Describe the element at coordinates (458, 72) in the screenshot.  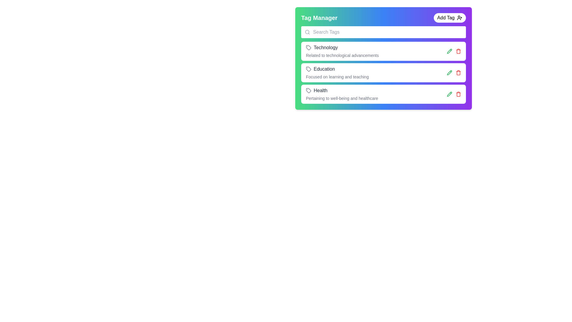
I see `the red trash bin icon delete button at the right end of the item bar to trigger the hover effect and change its color to dark red` at that location.